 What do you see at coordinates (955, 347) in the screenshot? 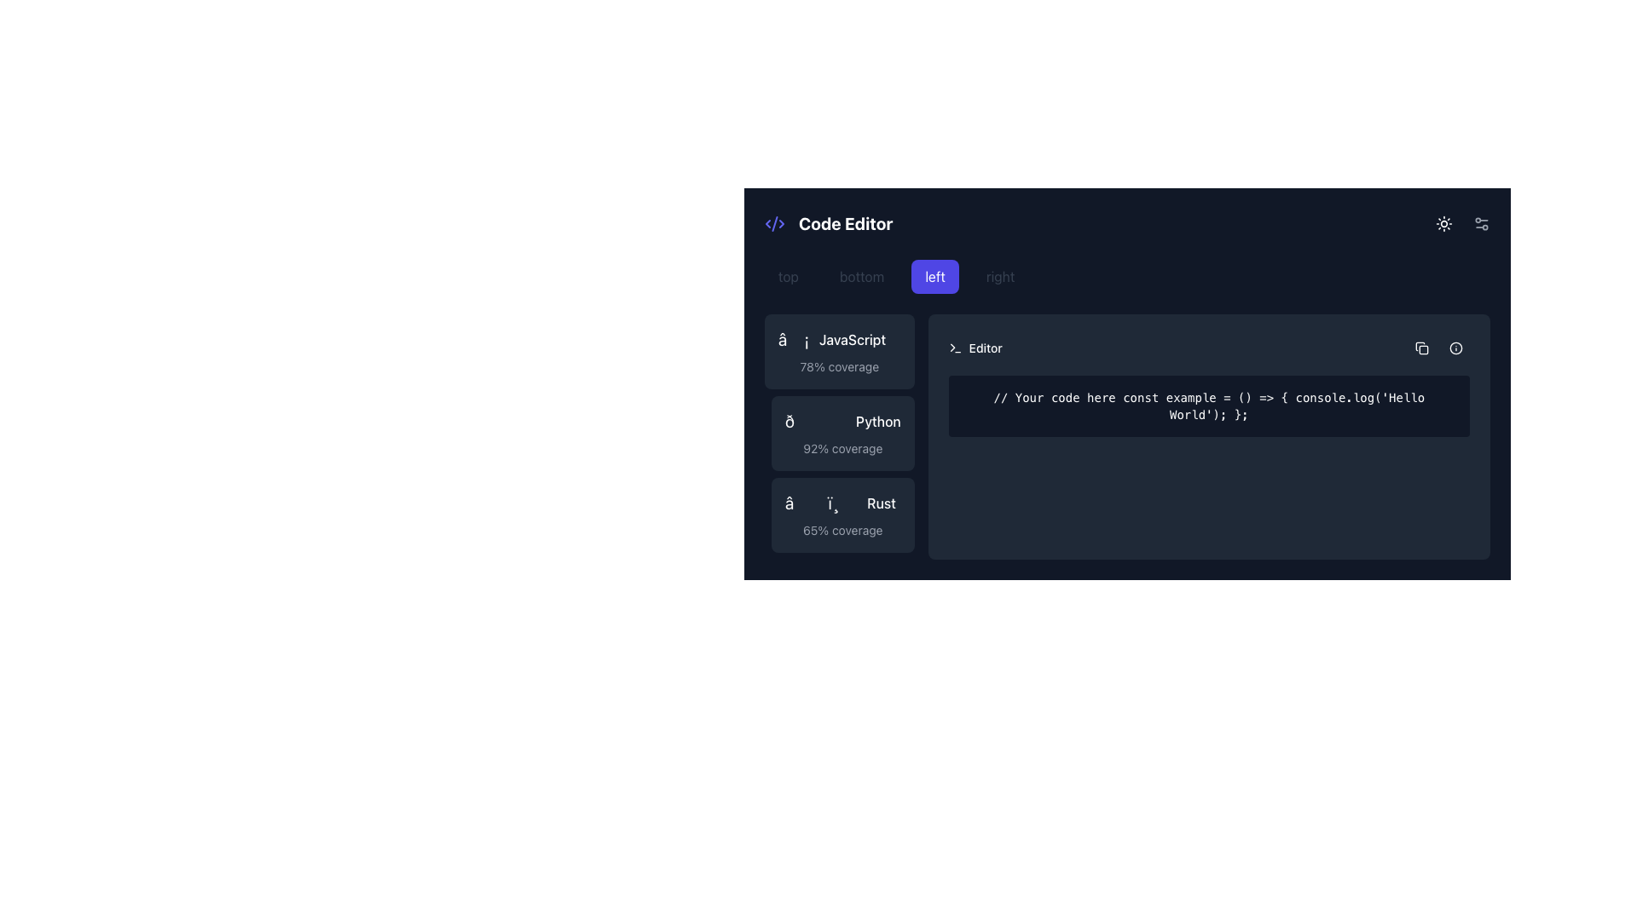
I see `the leftmost SVG icon in the toolbar, which is positioned immediately to the left of the 'Editor' text` at bounding box center [955, 347].